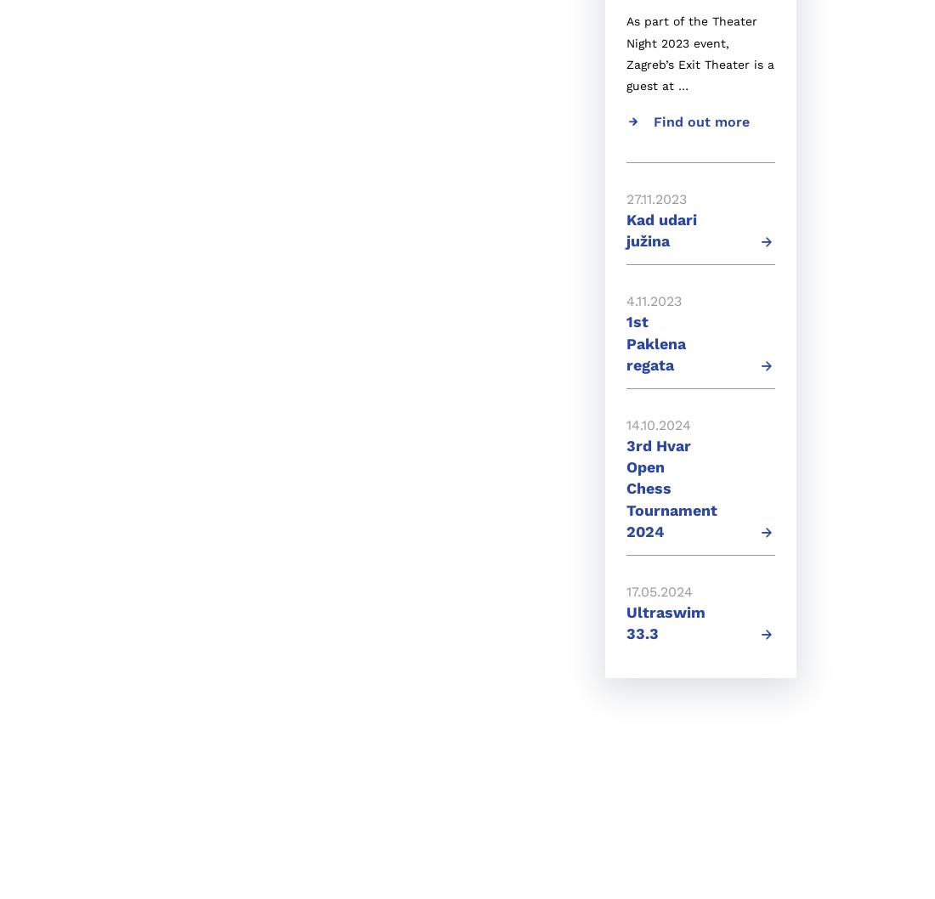  I want to click on 'Kad udari južina', so click(626, 229).